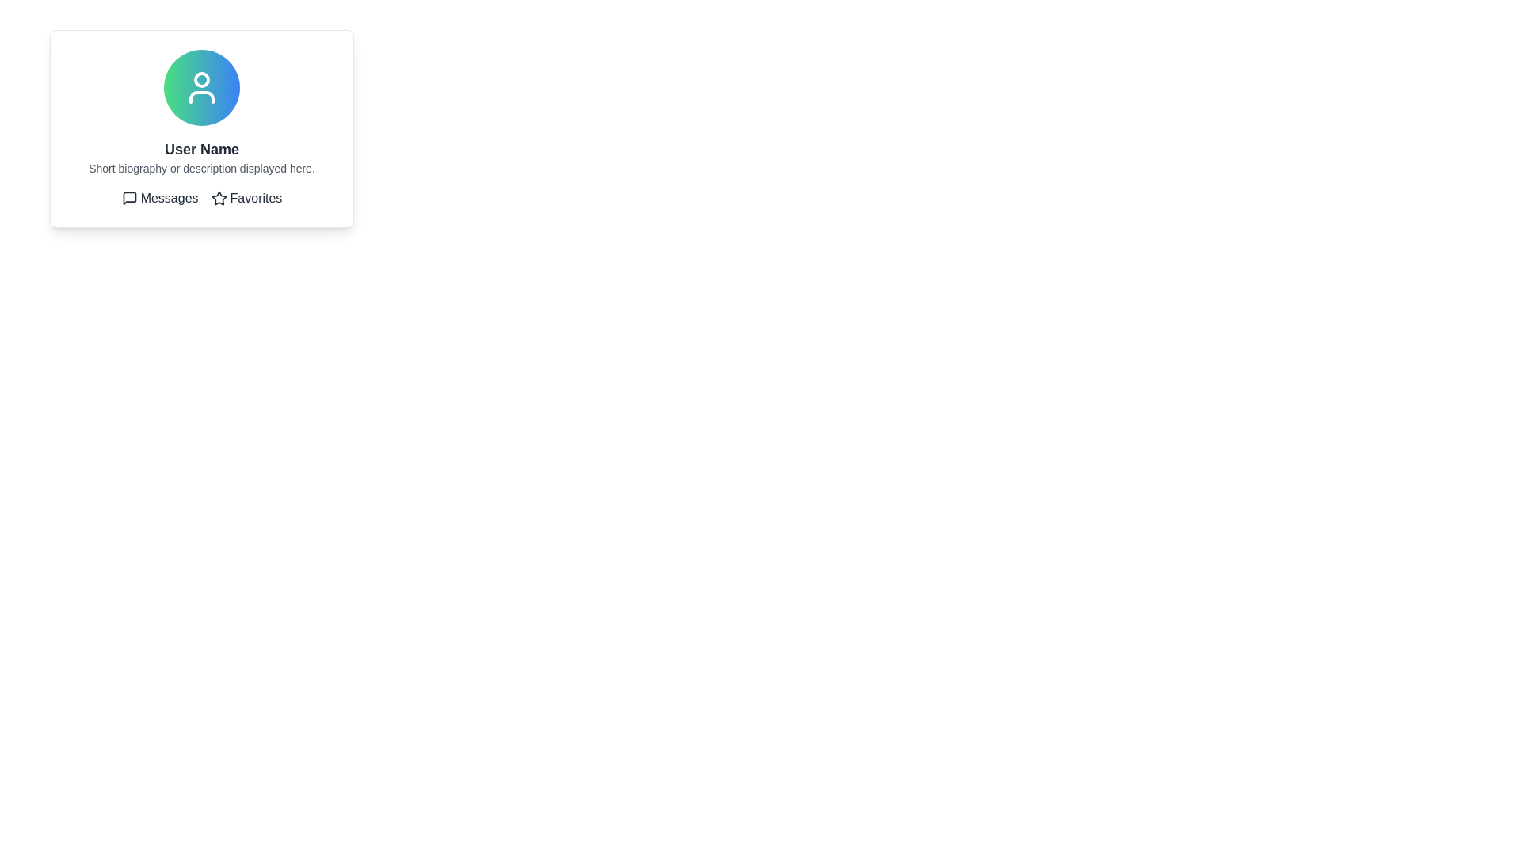  I want to click on the speech bubble icon located to the left of the 'Messages' label, so click(129, 197).